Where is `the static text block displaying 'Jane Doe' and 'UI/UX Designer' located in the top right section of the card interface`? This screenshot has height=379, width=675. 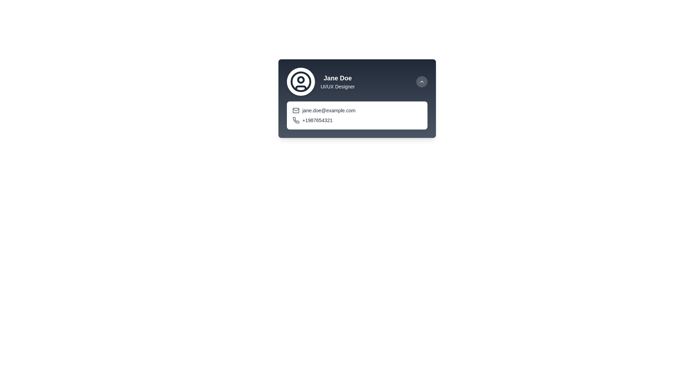
the static text block displaying 'Jane Doe' and 'UI/UX Designer' located in the top right section of the card interface is located at coordinates (337, 81).